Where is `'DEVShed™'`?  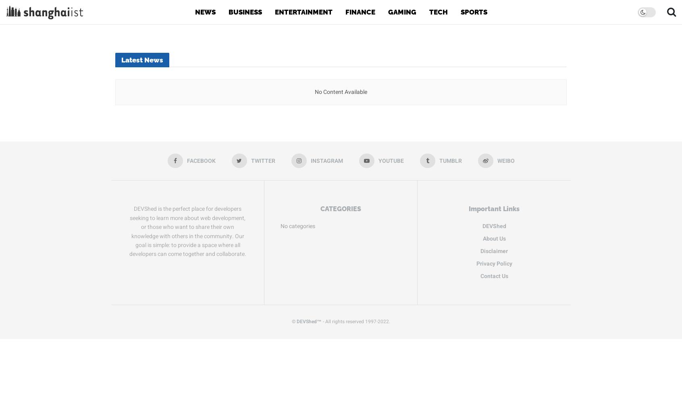
'DEVShed™' is located at coordinates (308, 321).